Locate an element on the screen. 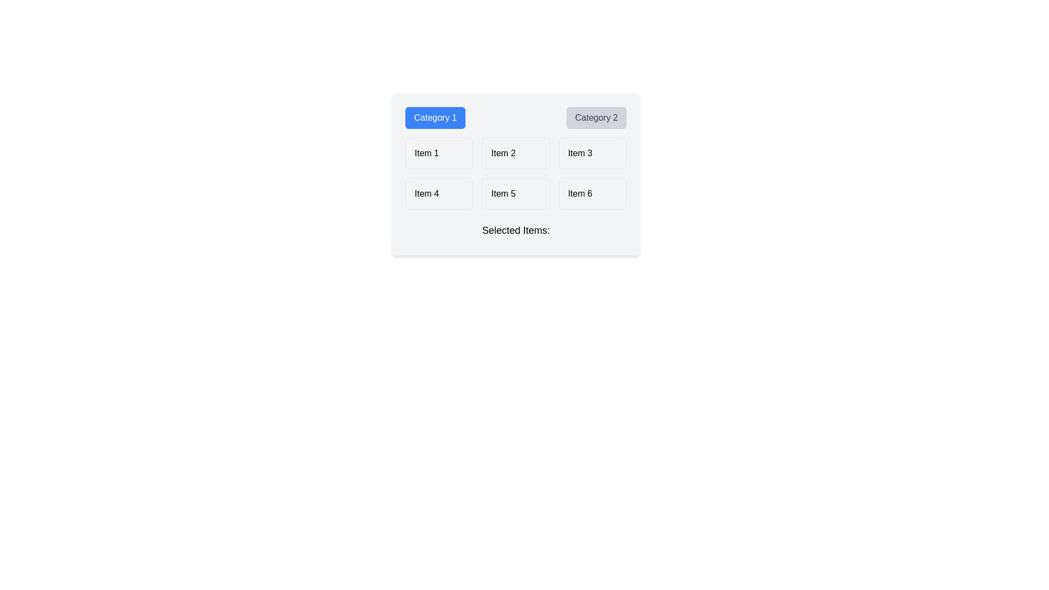 The height and width of the screenshot is (590, 1049). the 'Category 1' button is located at coordinates (435, 118).